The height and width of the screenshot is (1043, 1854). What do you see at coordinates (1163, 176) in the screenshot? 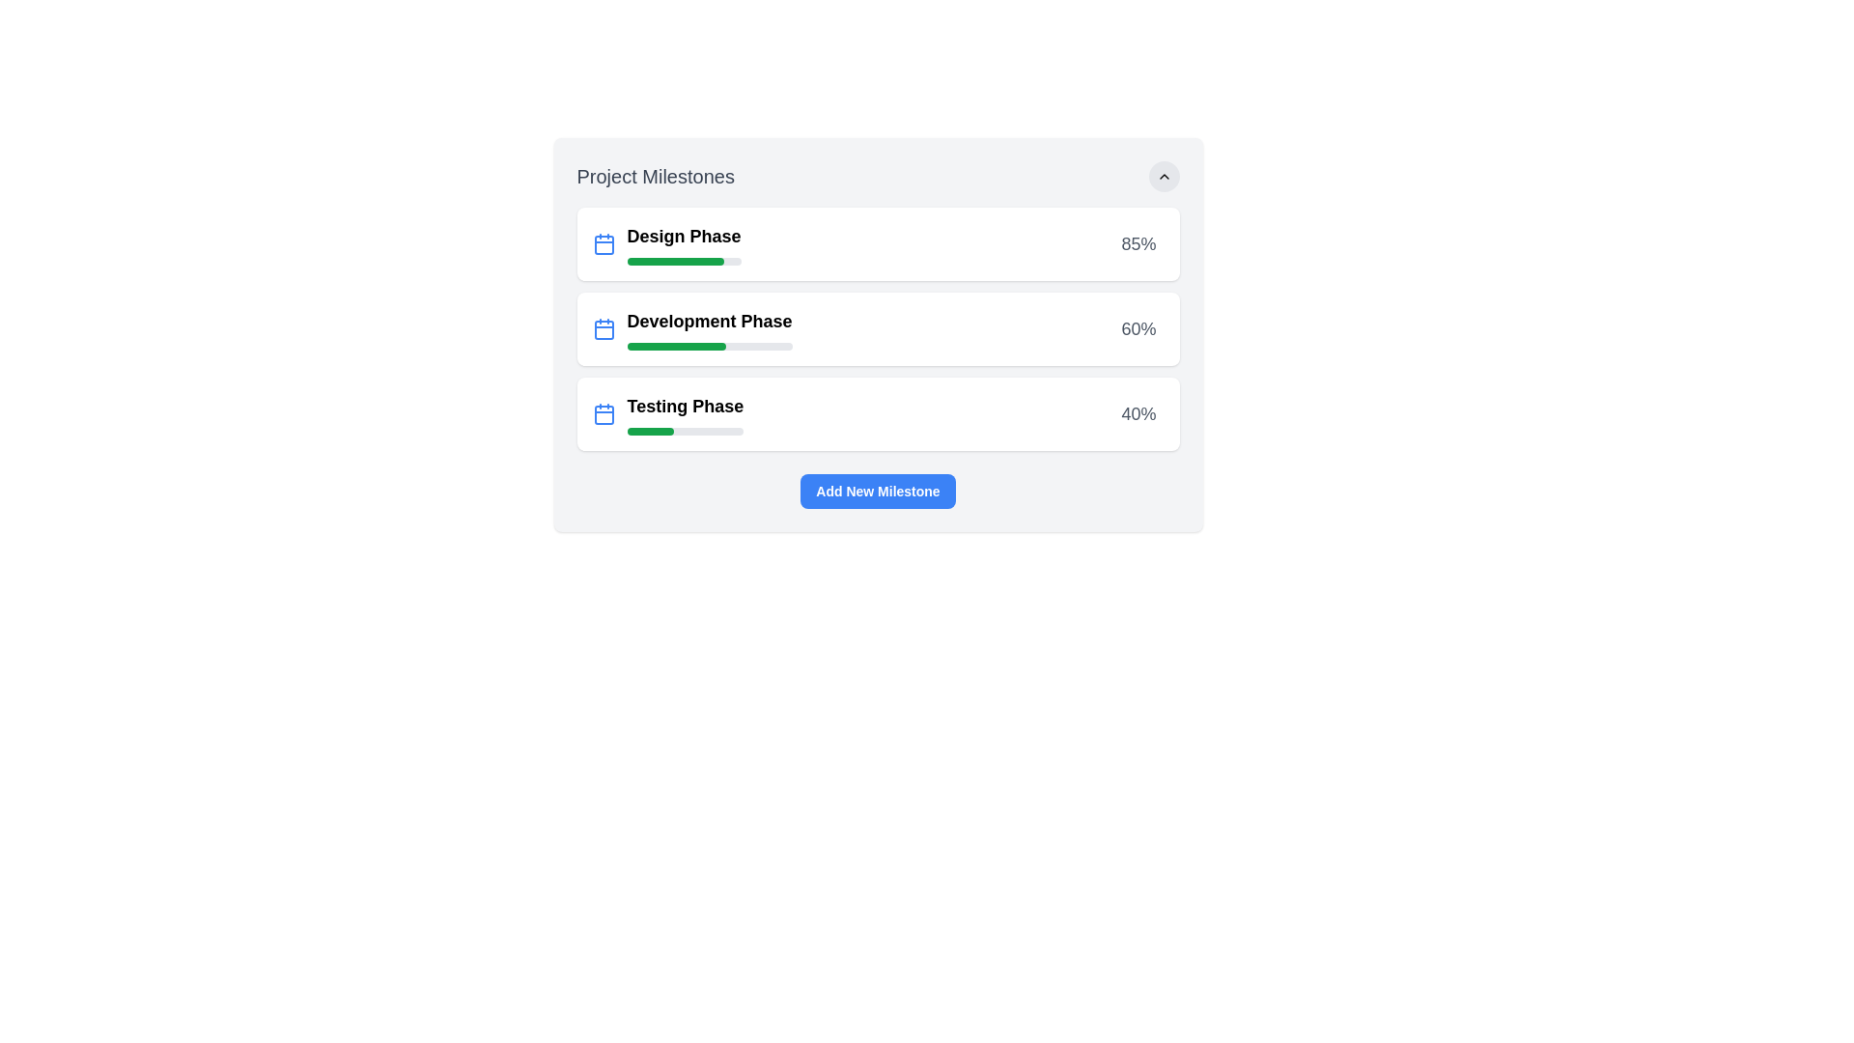
I see `the upward-pointing chevron icon within the circular button located in the top-right corner of the 'Project Milestones' widget` at bounding box center [1163, 176].